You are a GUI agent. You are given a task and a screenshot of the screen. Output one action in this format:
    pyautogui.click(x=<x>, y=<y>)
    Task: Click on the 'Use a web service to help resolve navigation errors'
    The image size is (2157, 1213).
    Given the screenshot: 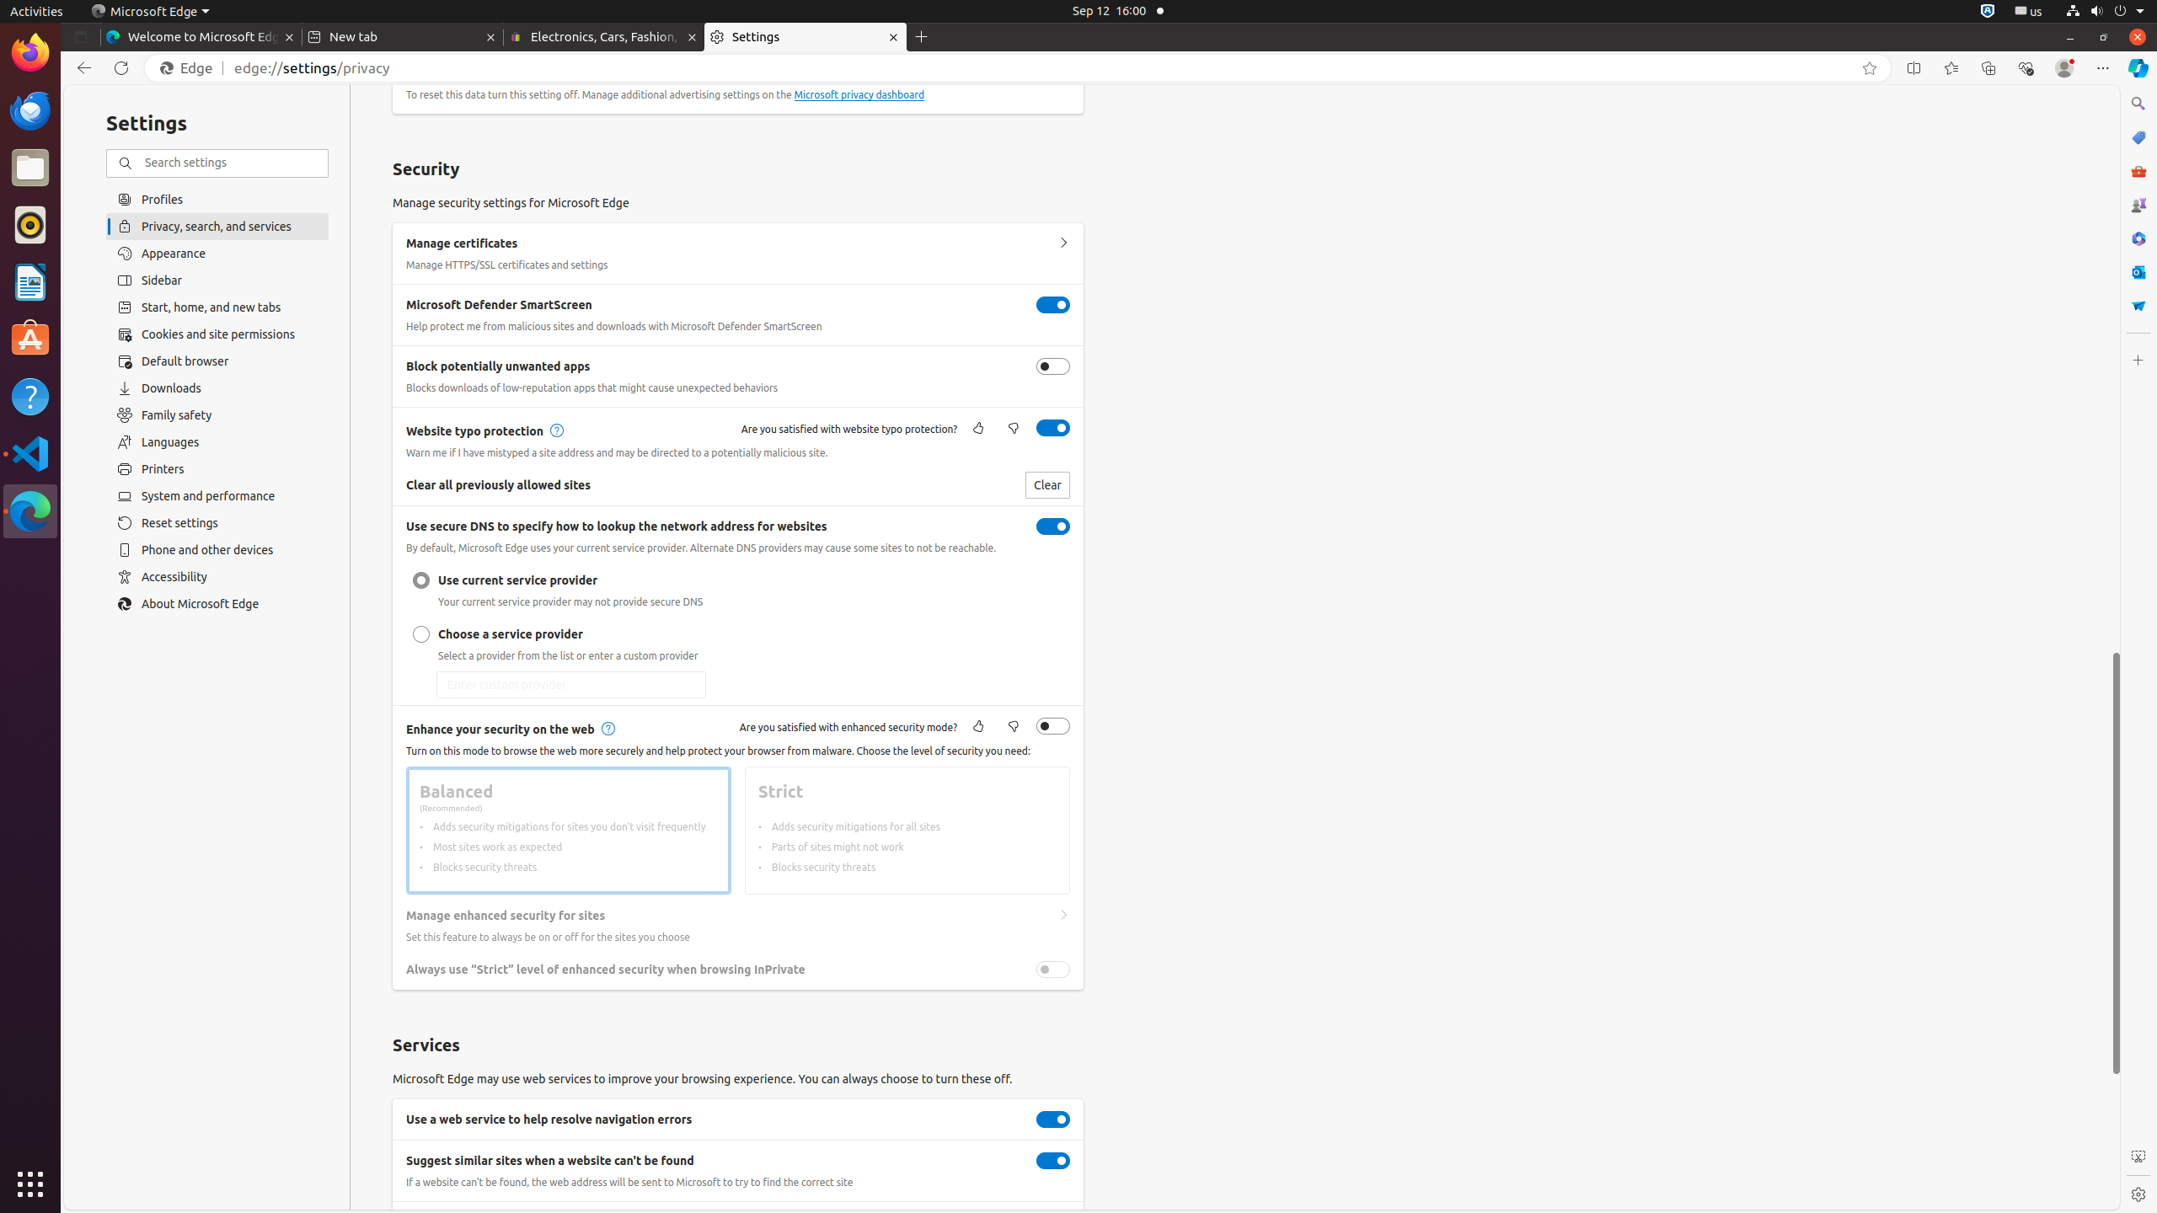 What is the action you would take?
    pyautogui.click(x=1053, y=1119)
    